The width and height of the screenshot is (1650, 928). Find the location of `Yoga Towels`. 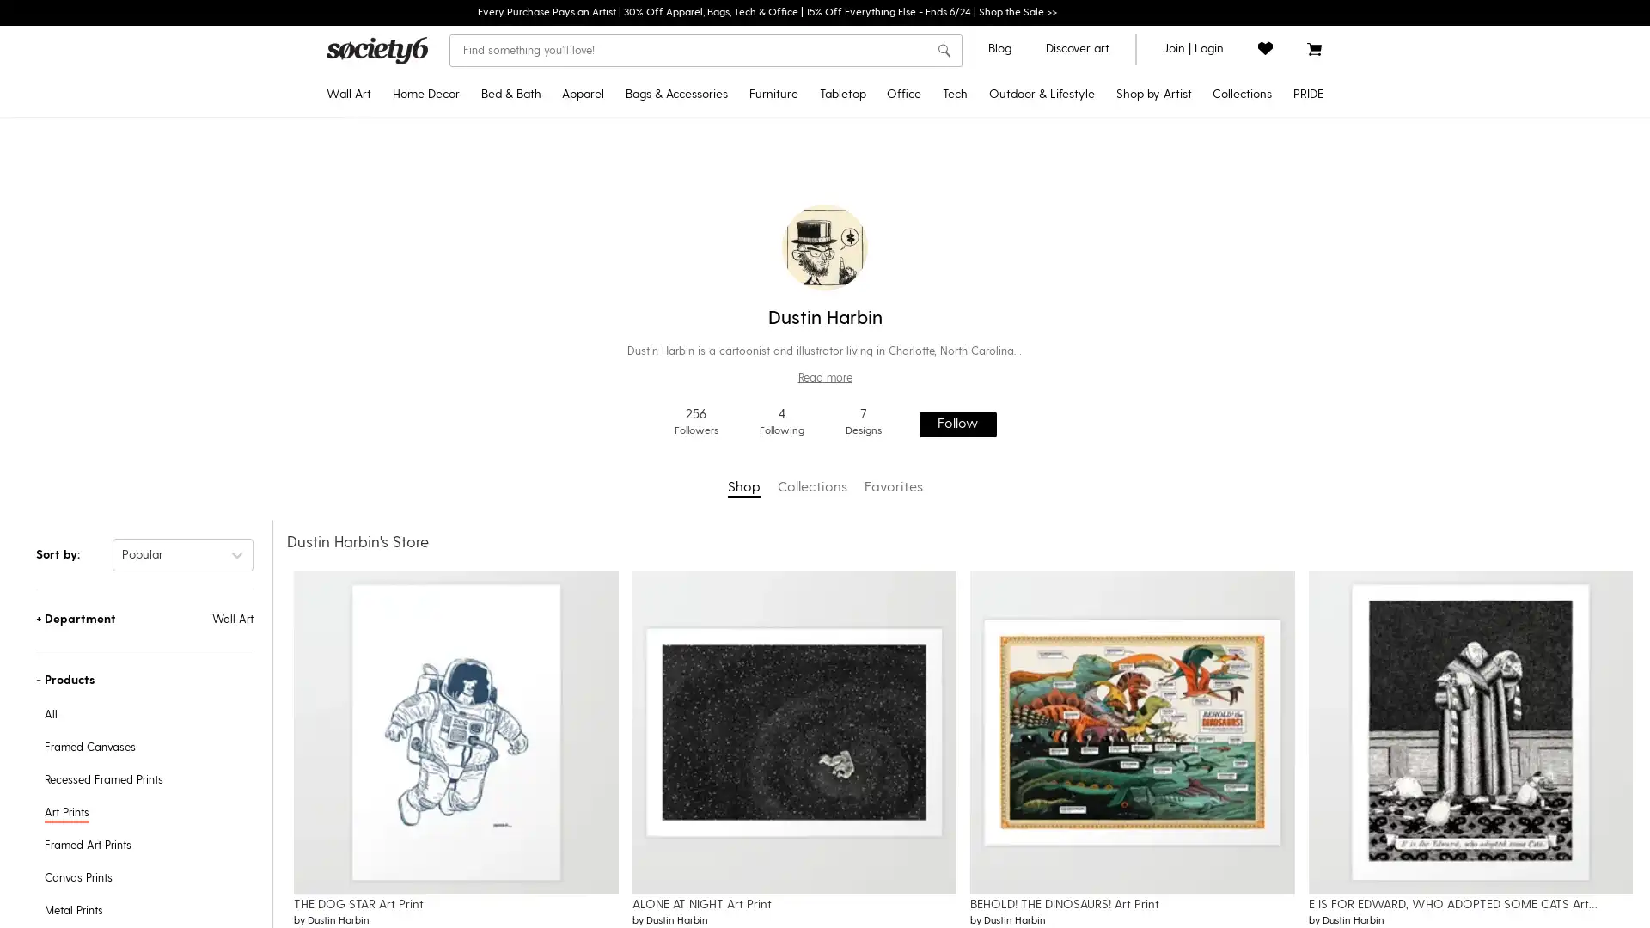

Yoga Towels is located at coordinates (1064, 193).